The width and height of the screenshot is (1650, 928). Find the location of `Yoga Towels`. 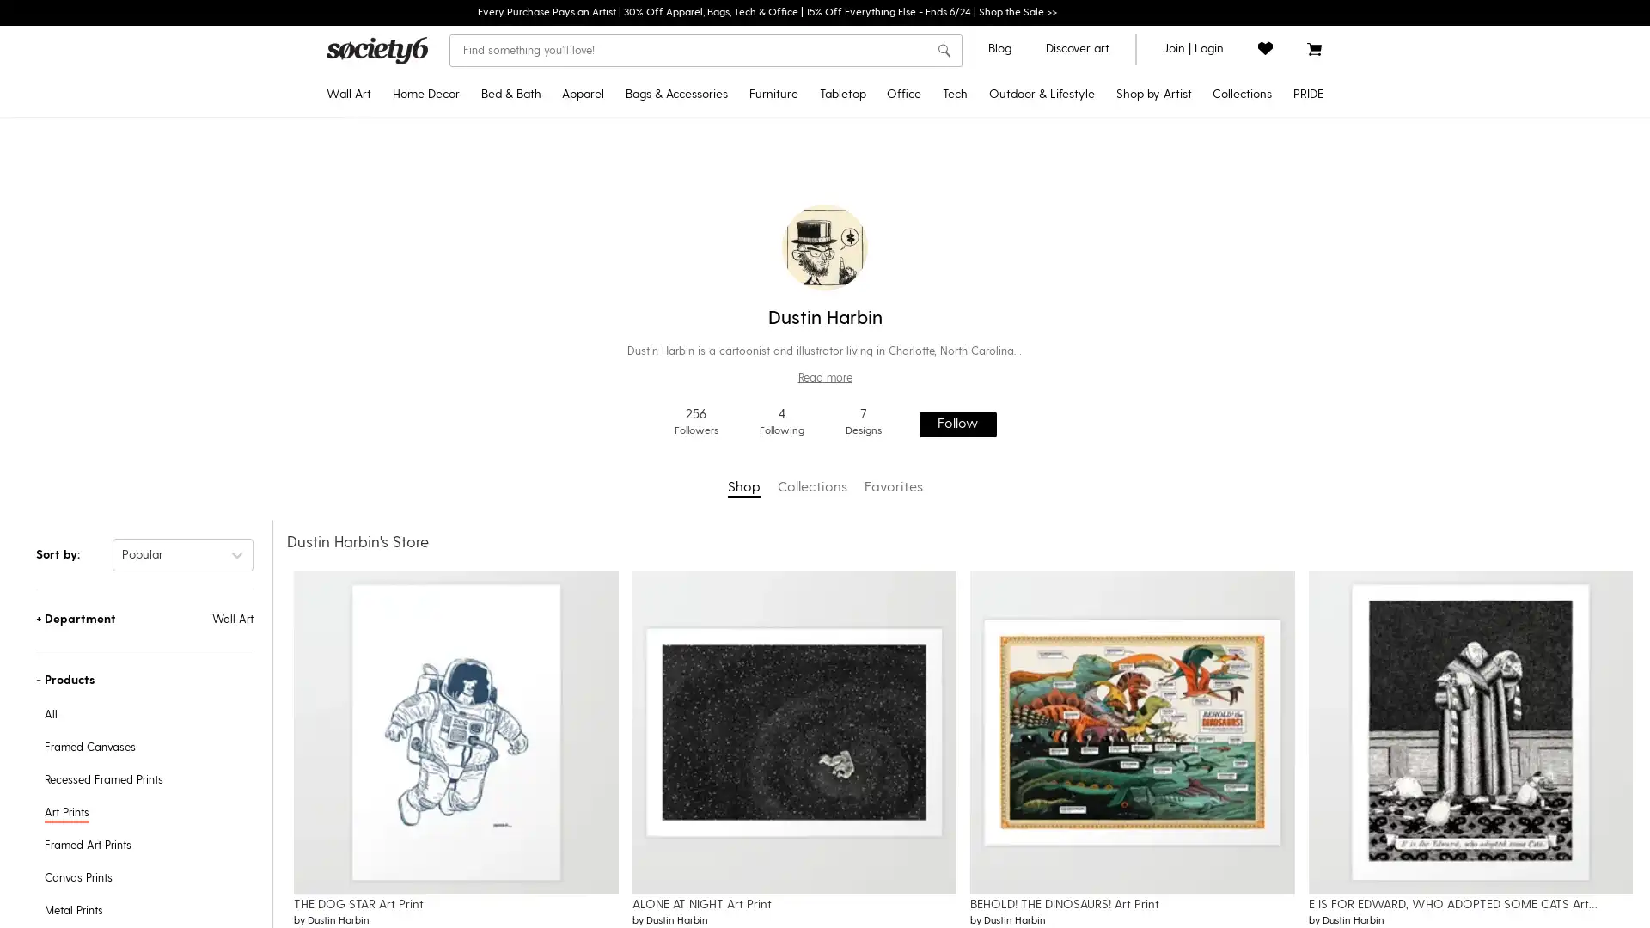

Yoga Towels is located at coordinates (1064, 193).